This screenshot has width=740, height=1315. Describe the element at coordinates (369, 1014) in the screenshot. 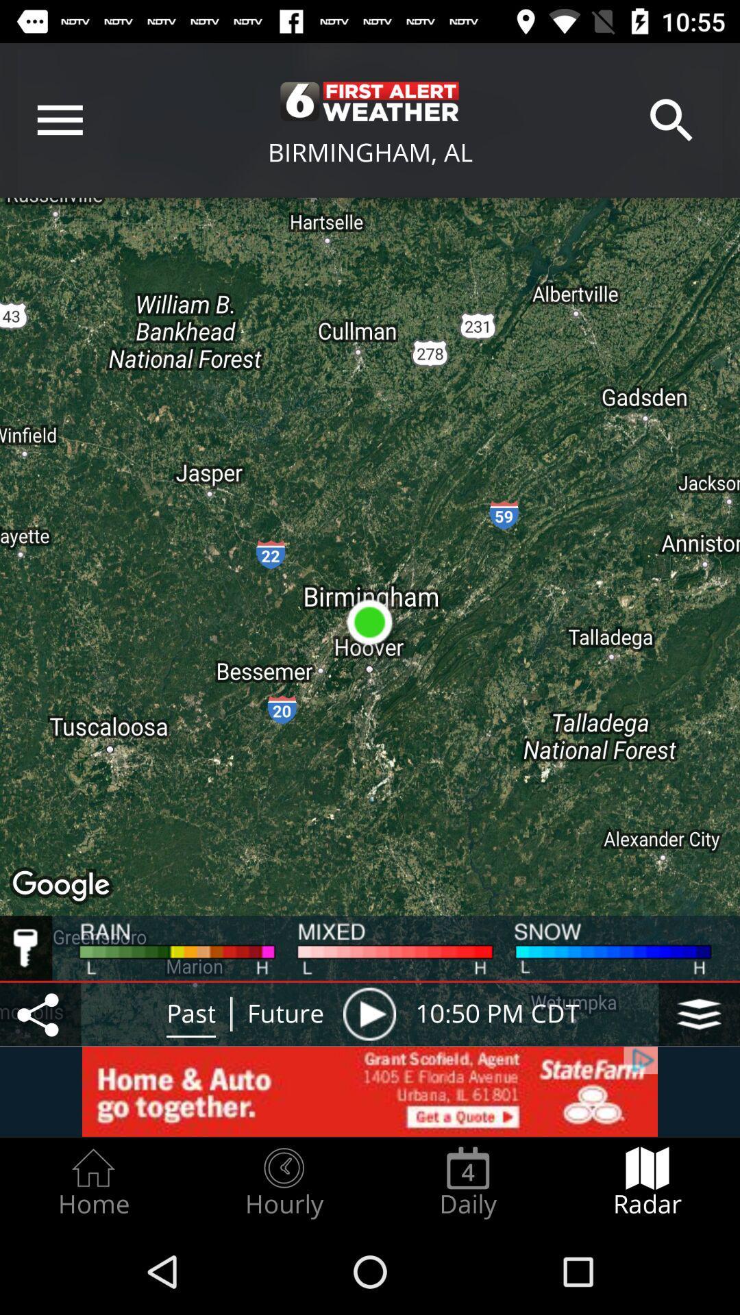

I see `the item to the left of 10 50 pm item` at that location.